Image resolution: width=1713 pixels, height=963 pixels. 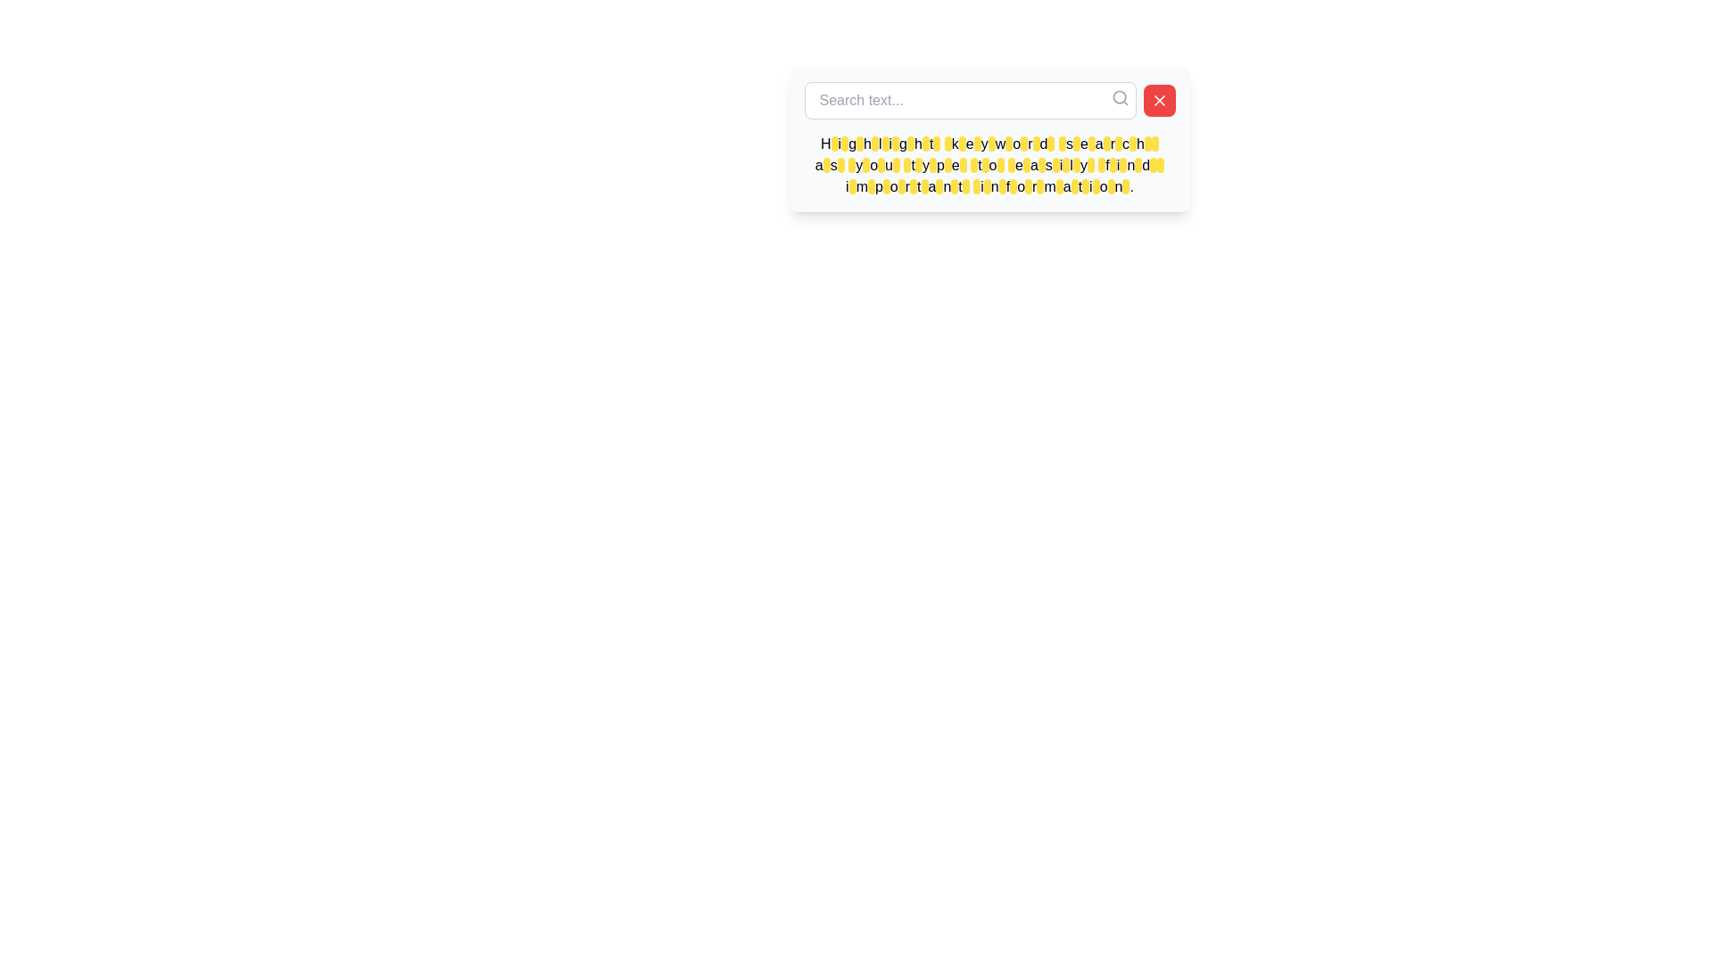 What do you see at coordinates (964, 186) in the screenshot?
I see `the Text Highlight element that emphasizes the keyword in the phrase 'Highlight keyword search as you type to easily find important information.'` at bounding box center [964, 186].